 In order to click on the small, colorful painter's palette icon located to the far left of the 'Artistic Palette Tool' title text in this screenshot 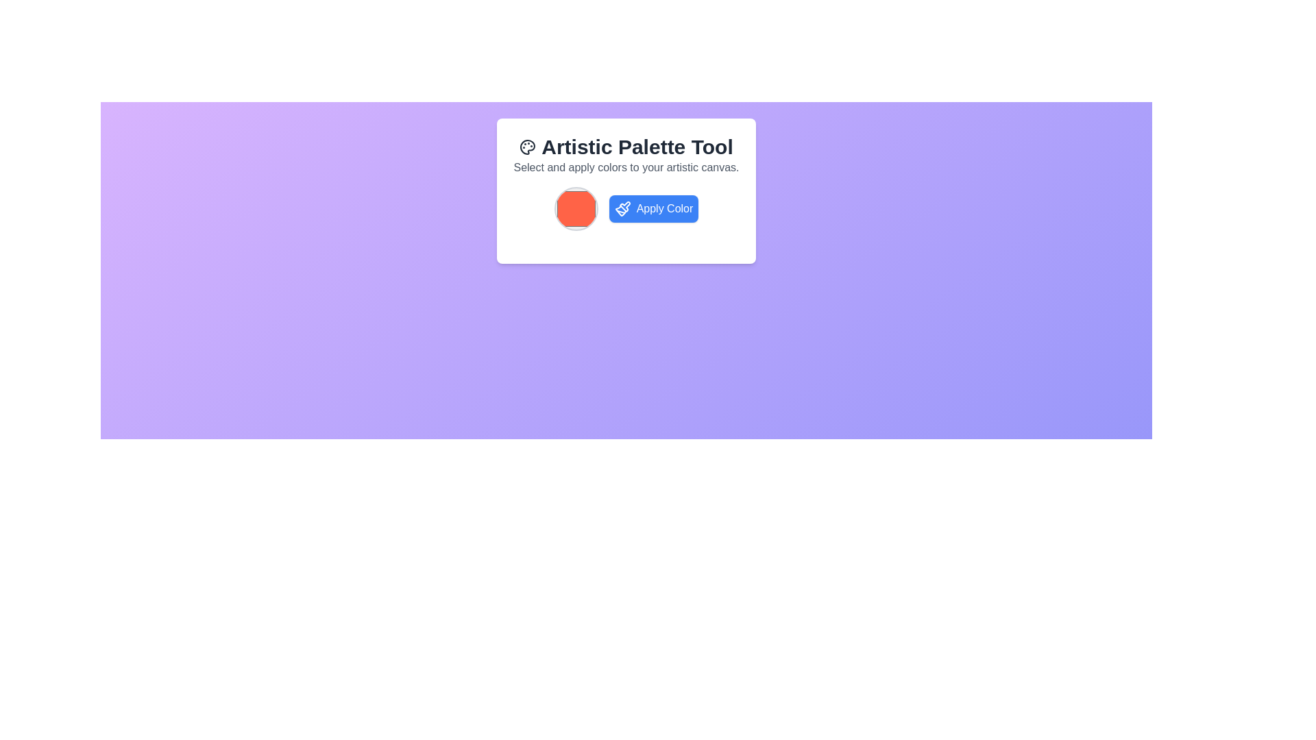, I will do `click(527, 147)`.